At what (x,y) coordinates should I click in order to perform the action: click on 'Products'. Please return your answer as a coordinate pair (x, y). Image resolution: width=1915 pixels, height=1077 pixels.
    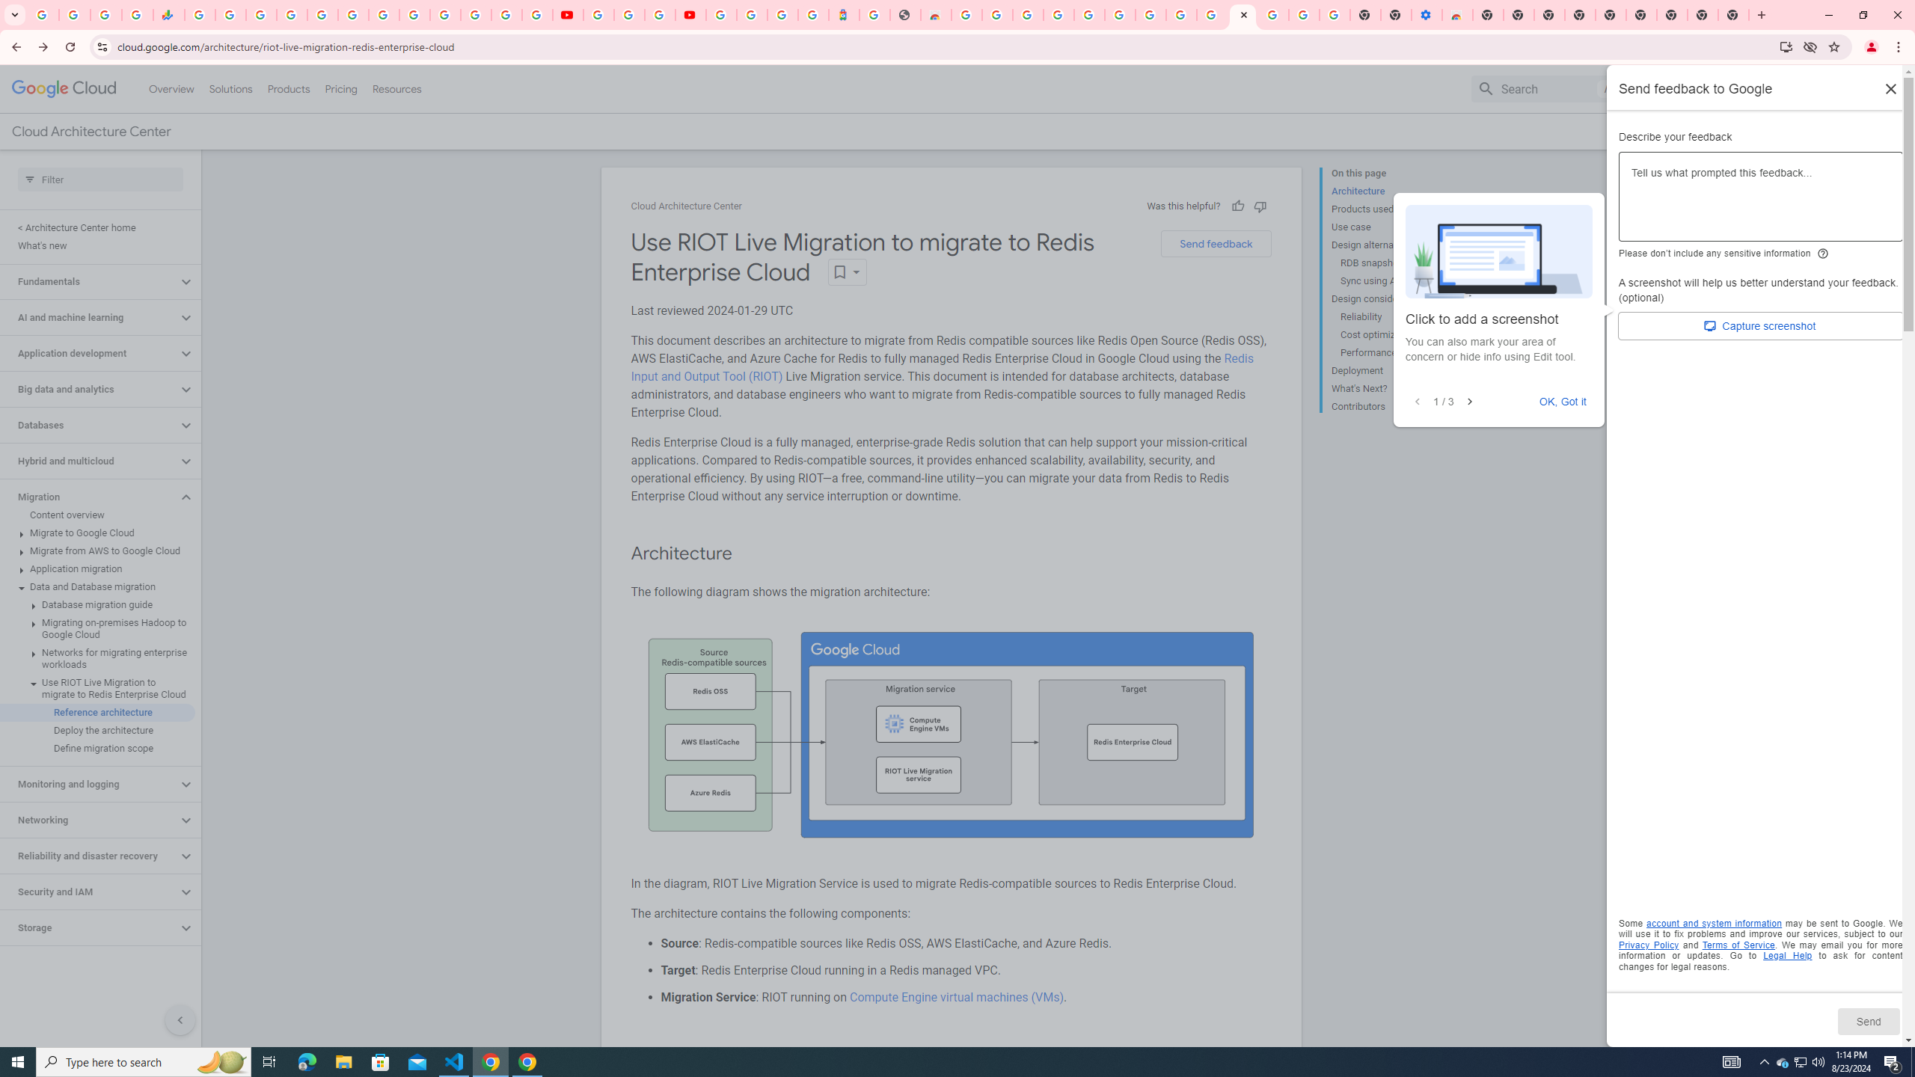
    Looking at the image, I should click on (287, 88).